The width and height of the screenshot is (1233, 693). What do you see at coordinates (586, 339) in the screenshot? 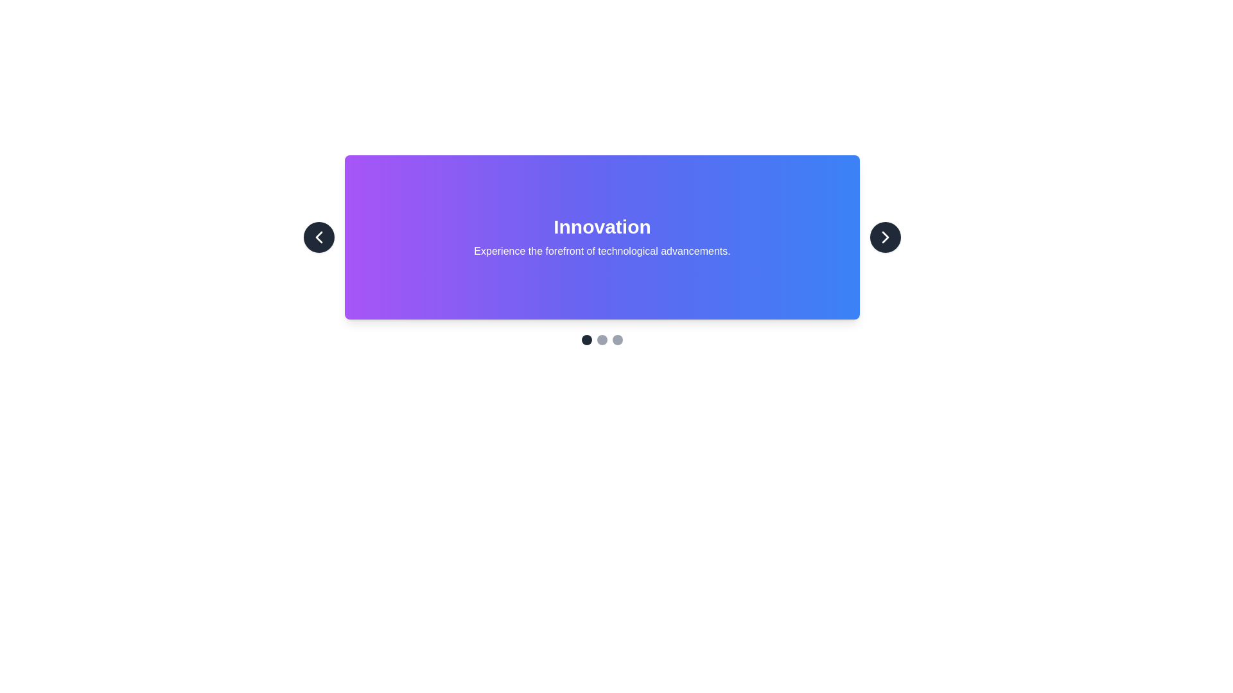
I see `the first circular navigation button with a dark grey background, located under the text panel of the main interface` at bounding box center [586, 339].